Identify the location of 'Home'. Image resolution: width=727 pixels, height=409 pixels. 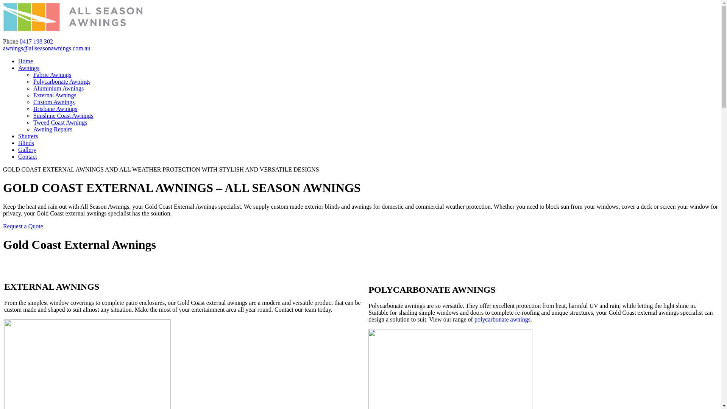
(18, 61).